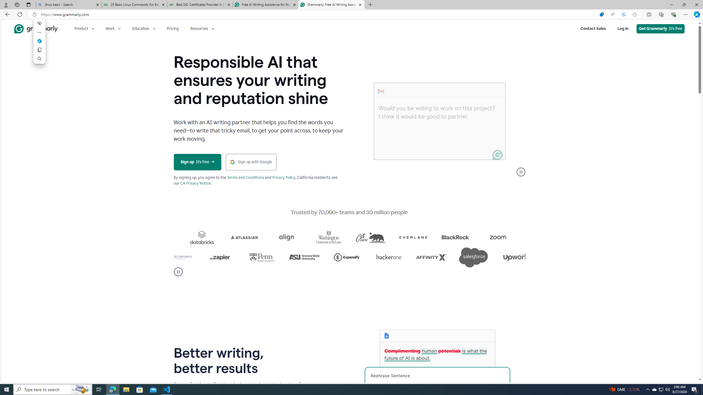  I want to click on 'CA Privacy Notice', so click(195, 183).